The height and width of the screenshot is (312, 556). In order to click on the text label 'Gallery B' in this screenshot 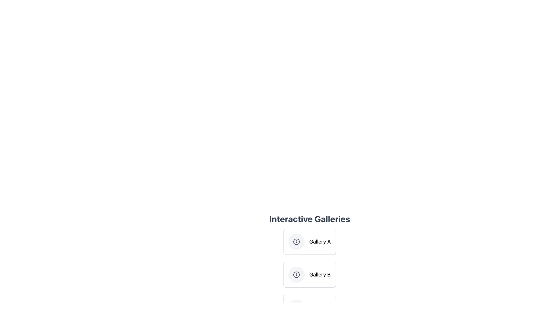, I will do `click(319, 274)`.